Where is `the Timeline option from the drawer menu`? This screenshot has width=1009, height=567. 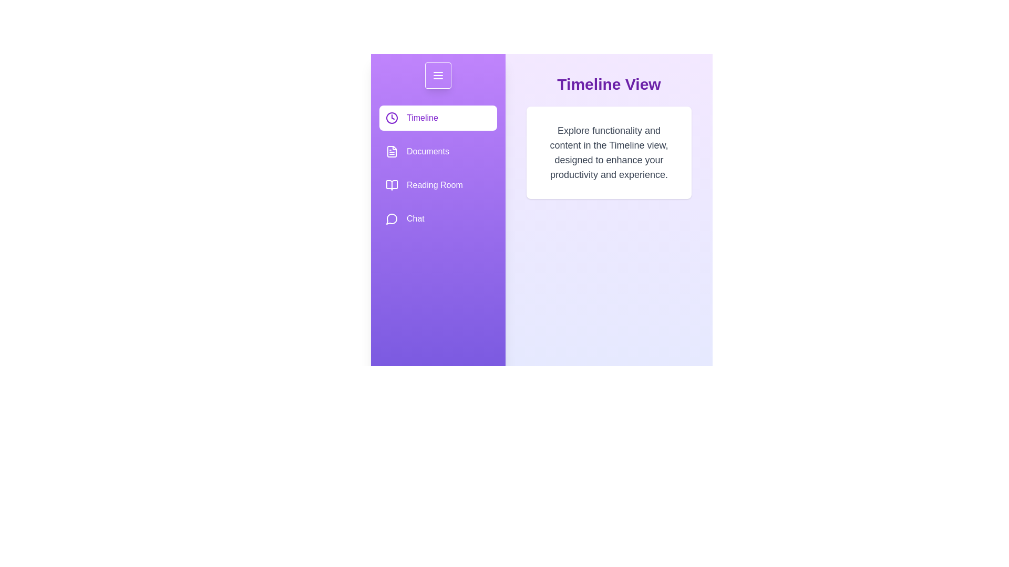 the Timeline option from the drawer menu is located at coordinates (438, 118).